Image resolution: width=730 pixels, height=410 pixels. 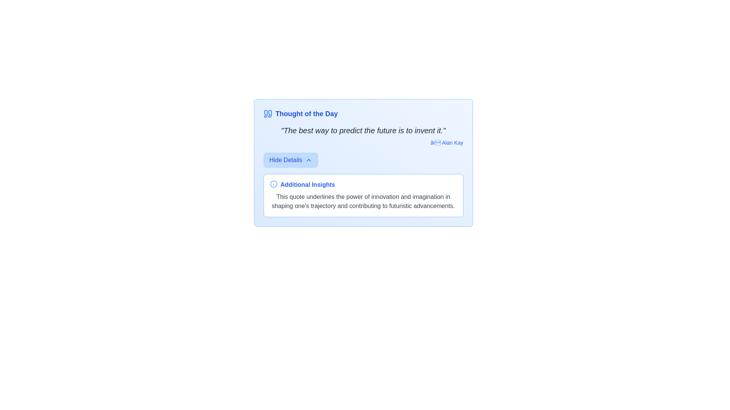 I want to click on the upward-pointing chevron icon located to the right of the 'Hide Details' button, so click(x=308, y=159).